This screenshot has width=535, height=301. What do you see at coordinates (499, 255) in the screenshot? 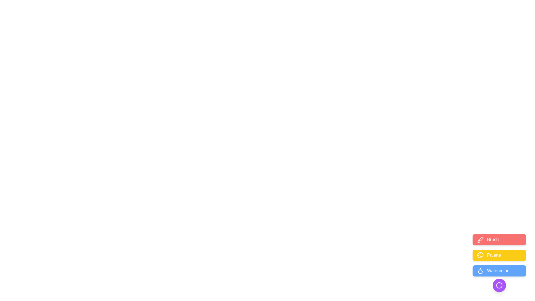
I see `the 'Palette' button to select the palette tool` at bounding box center [499, 255].